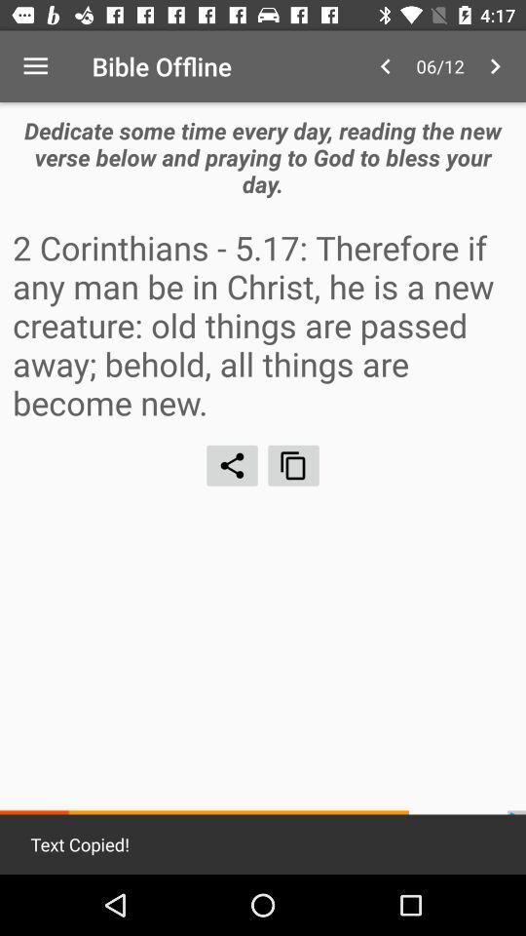 This screenshot has width=526, height=936. I want to click on item to the right of the 06/12 icon, so click(495, 66).